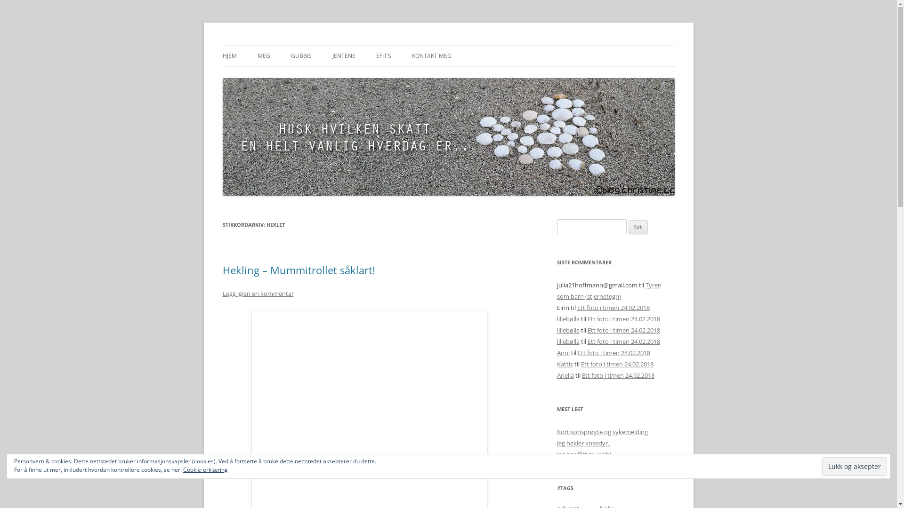 This screenshot has height=508, width=904. What do you see at coordinates (300, 56) in the screenshot?
I see `'GUBBIS'` at bounding box center [300, 56].